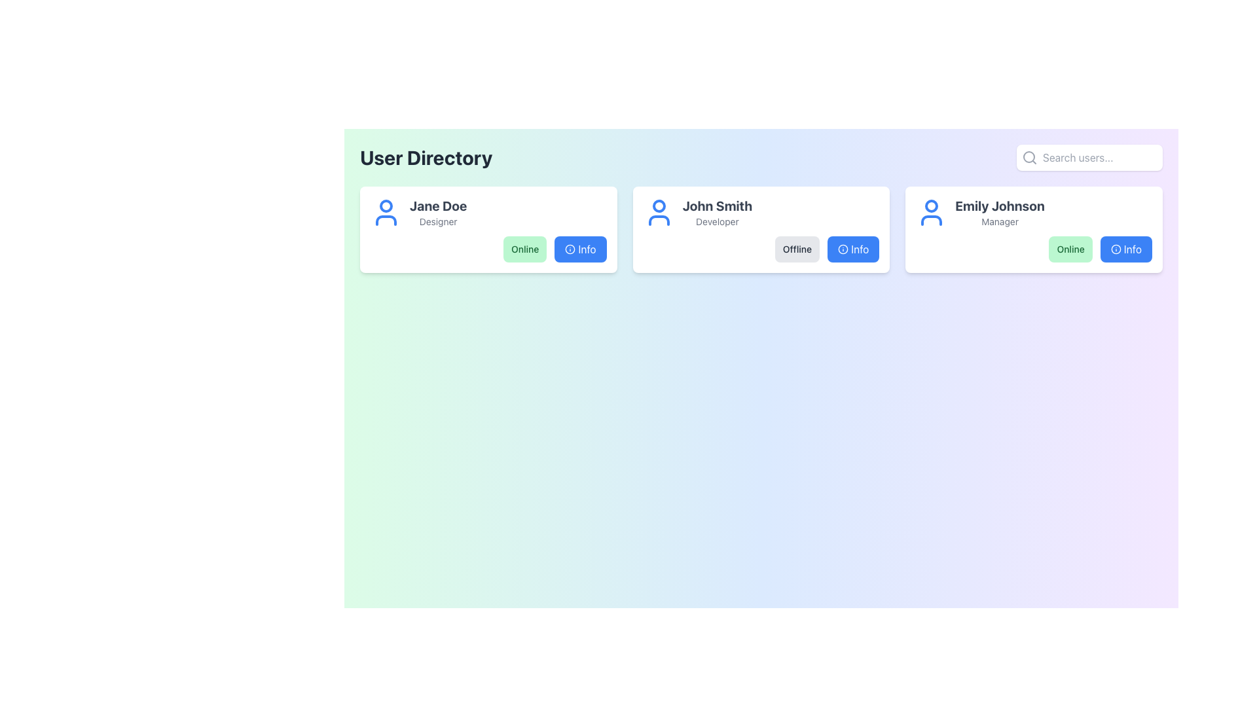 The height and width of the screenshot is (707, 1257). What do you see at coordinates (580, 249) in the screenshot?
I see `the button located at the bottom-right corner of Jane Doe's user card in the User Directory to observe the hover behavior` at bounding box center [580, 249].